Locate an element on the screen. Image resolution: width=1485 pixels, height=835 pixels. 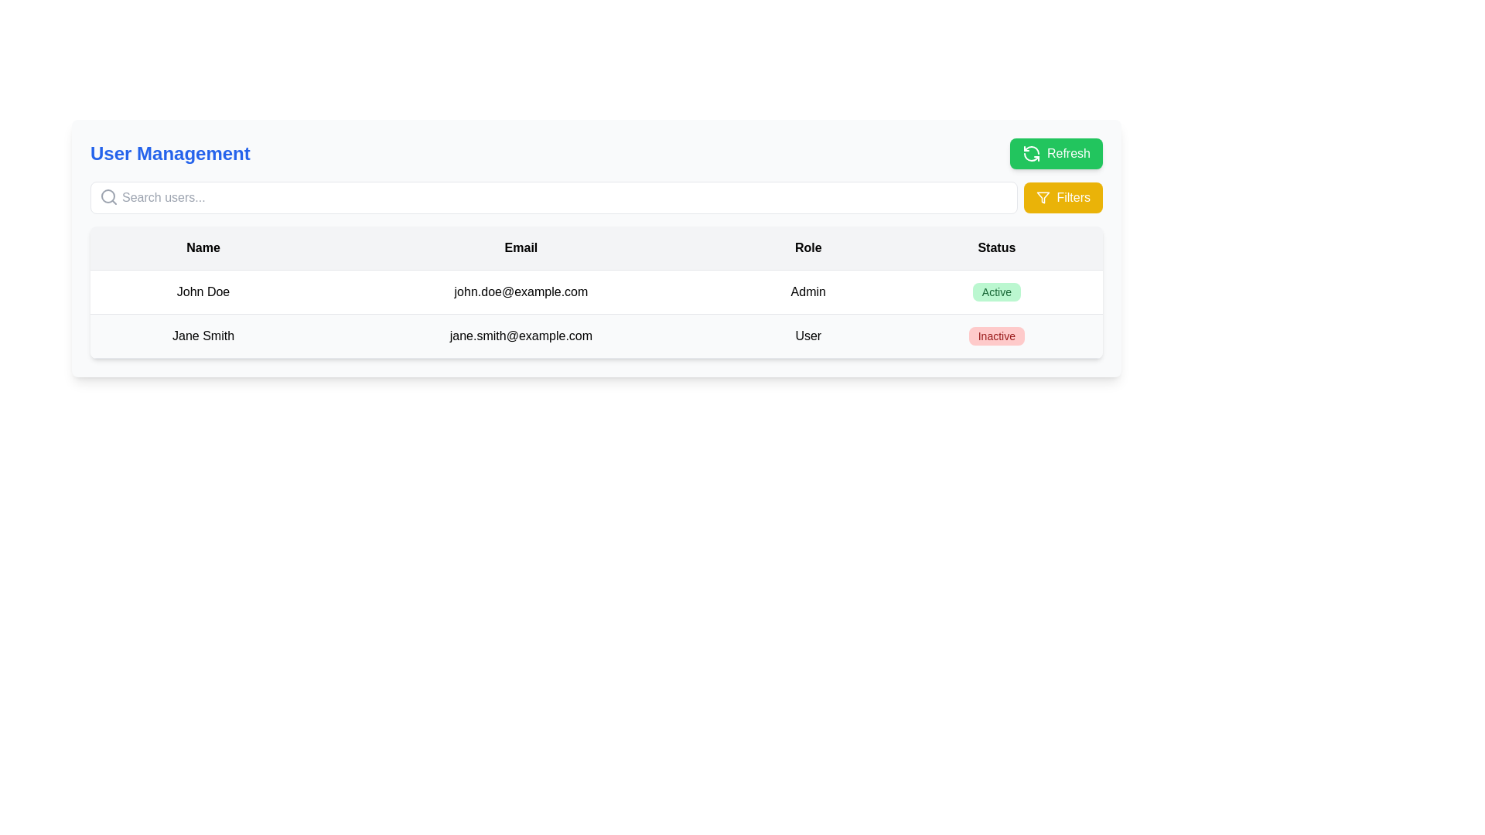
text in the Table Header Cell labeled 'Role', which is the third column header in the table is located at coordinates (807, 247).